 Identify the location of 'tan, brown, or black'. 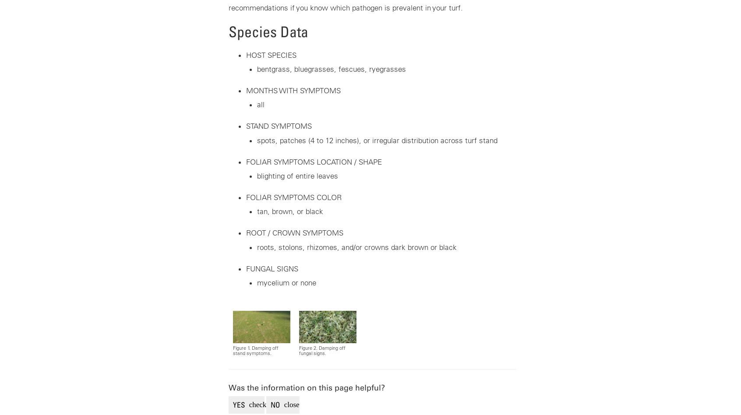
(289, 211).